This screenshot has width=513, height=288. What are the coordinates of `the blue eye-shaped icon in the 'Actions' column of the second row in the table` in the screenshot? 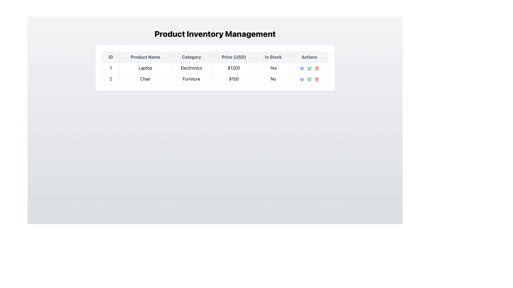 It's located at (302, 67).